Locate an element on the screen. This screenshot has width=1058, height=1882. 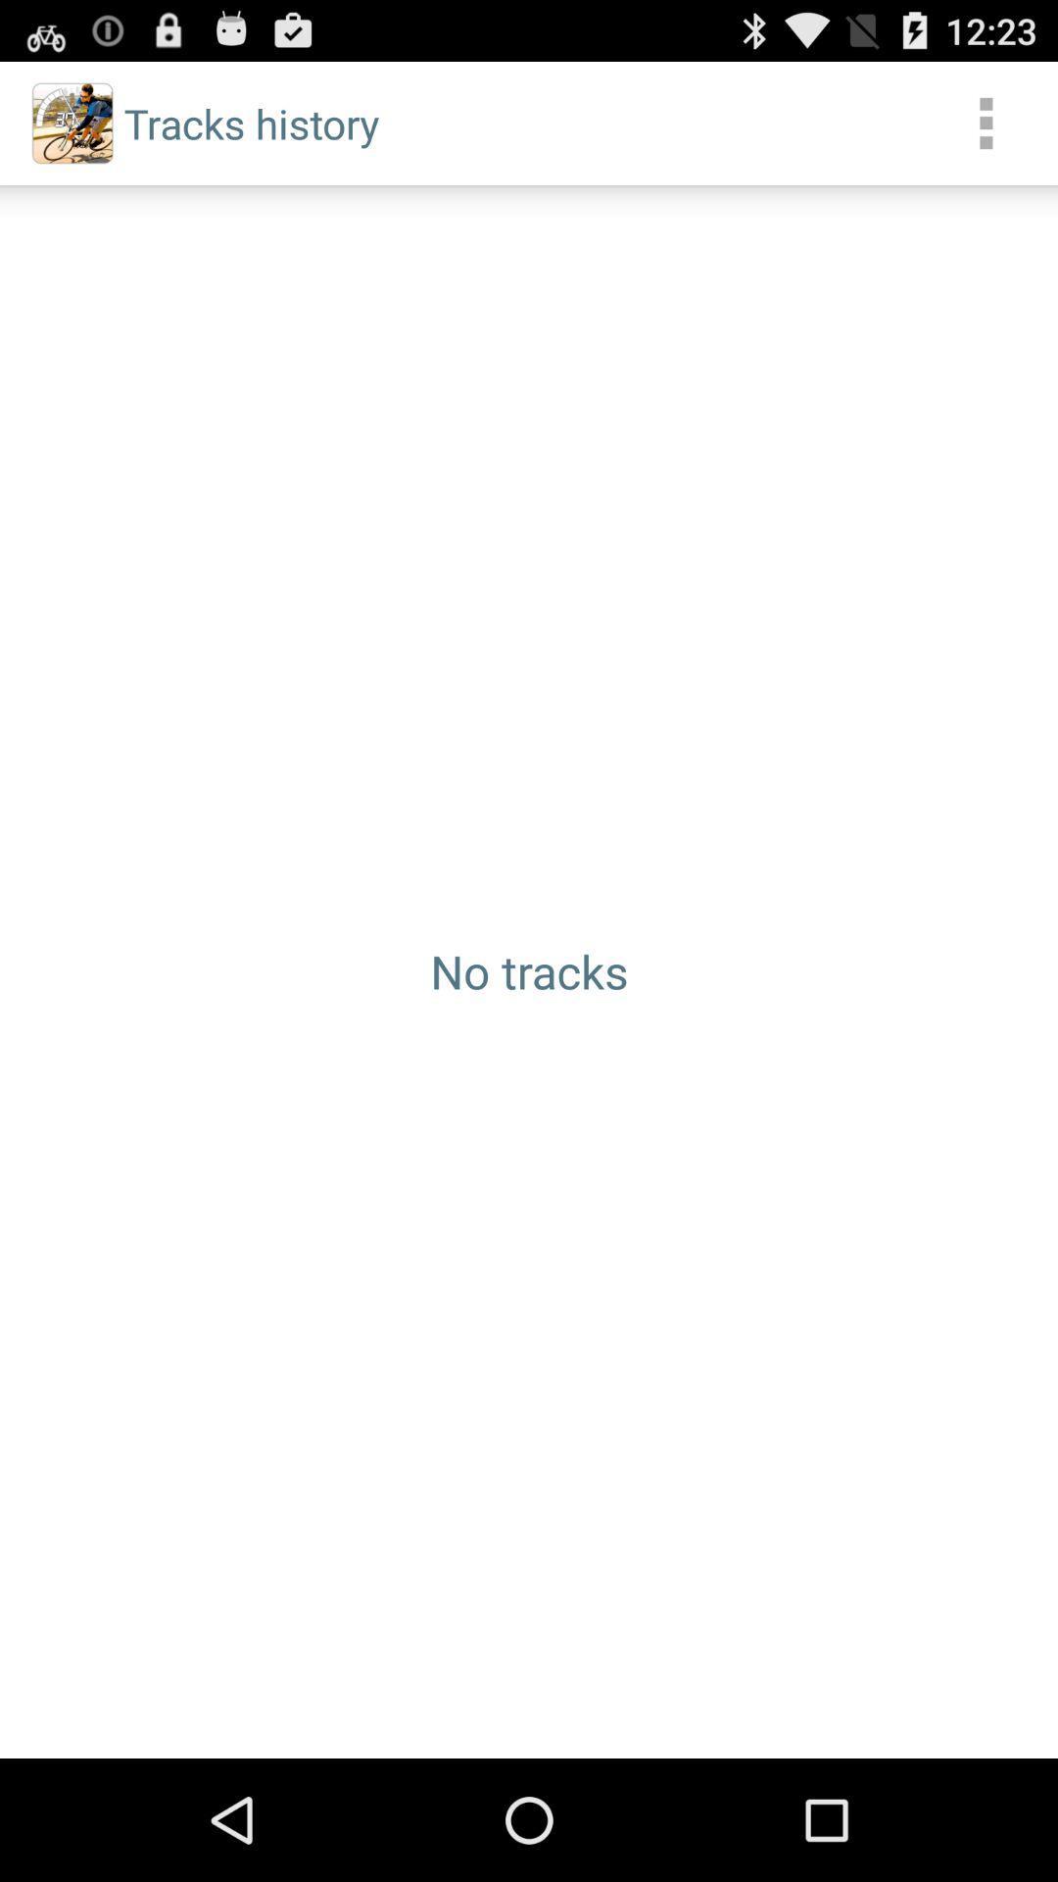
item next to tracks history icon is located at coordinates (986, 122).